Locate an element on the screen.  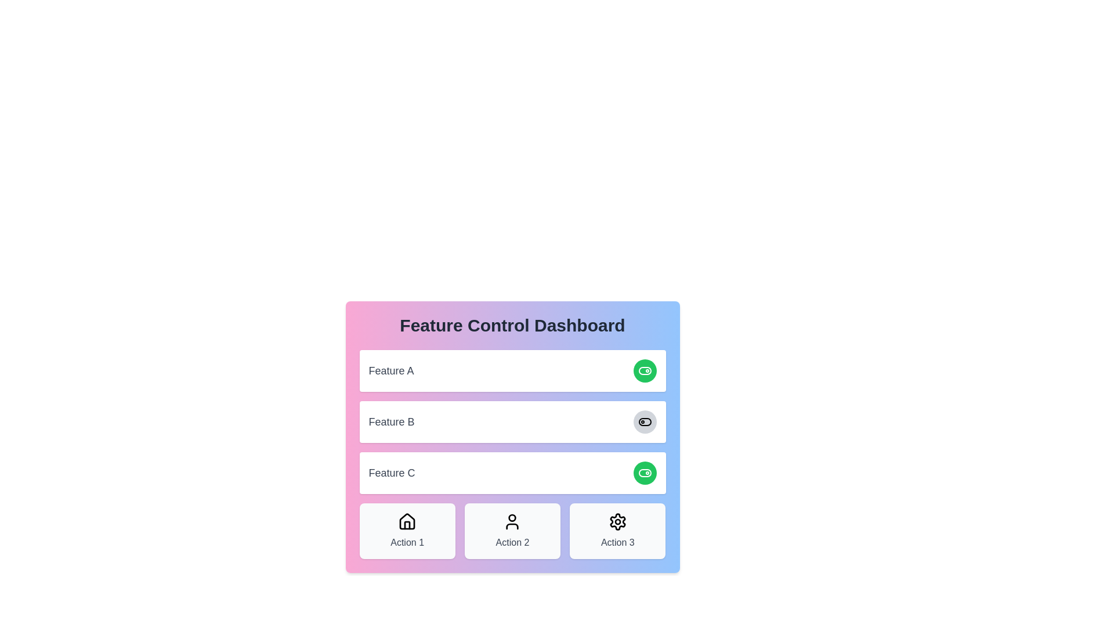
the button in the second column of the three-column grid at the bottom of the interface is located at coordinates (512, 531).